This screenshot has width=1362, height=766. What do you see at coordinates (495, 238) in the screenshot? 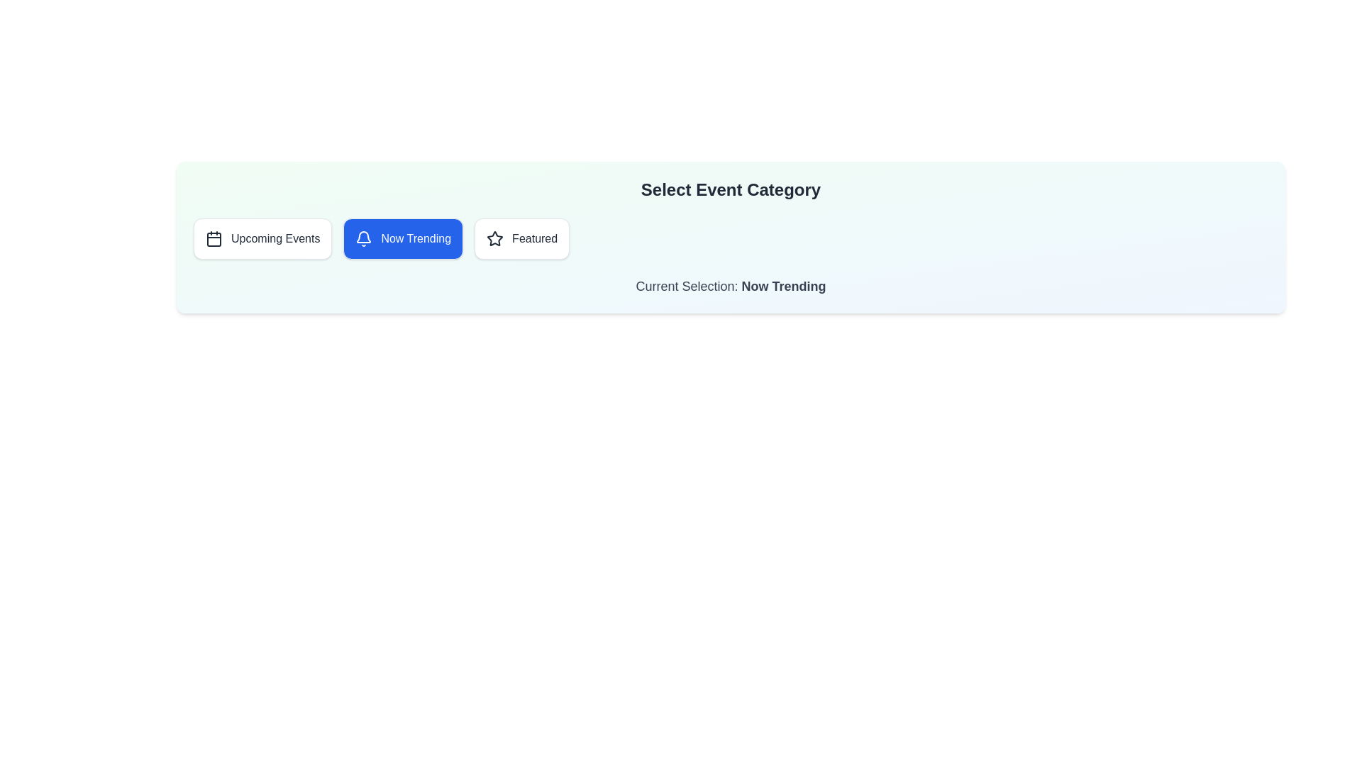
I see `the star-shaped icon, which is part of a horizontal layout of buttons and located between the 'Now Trending' button and the 'Featured' button` at bounding box center [495, 238].